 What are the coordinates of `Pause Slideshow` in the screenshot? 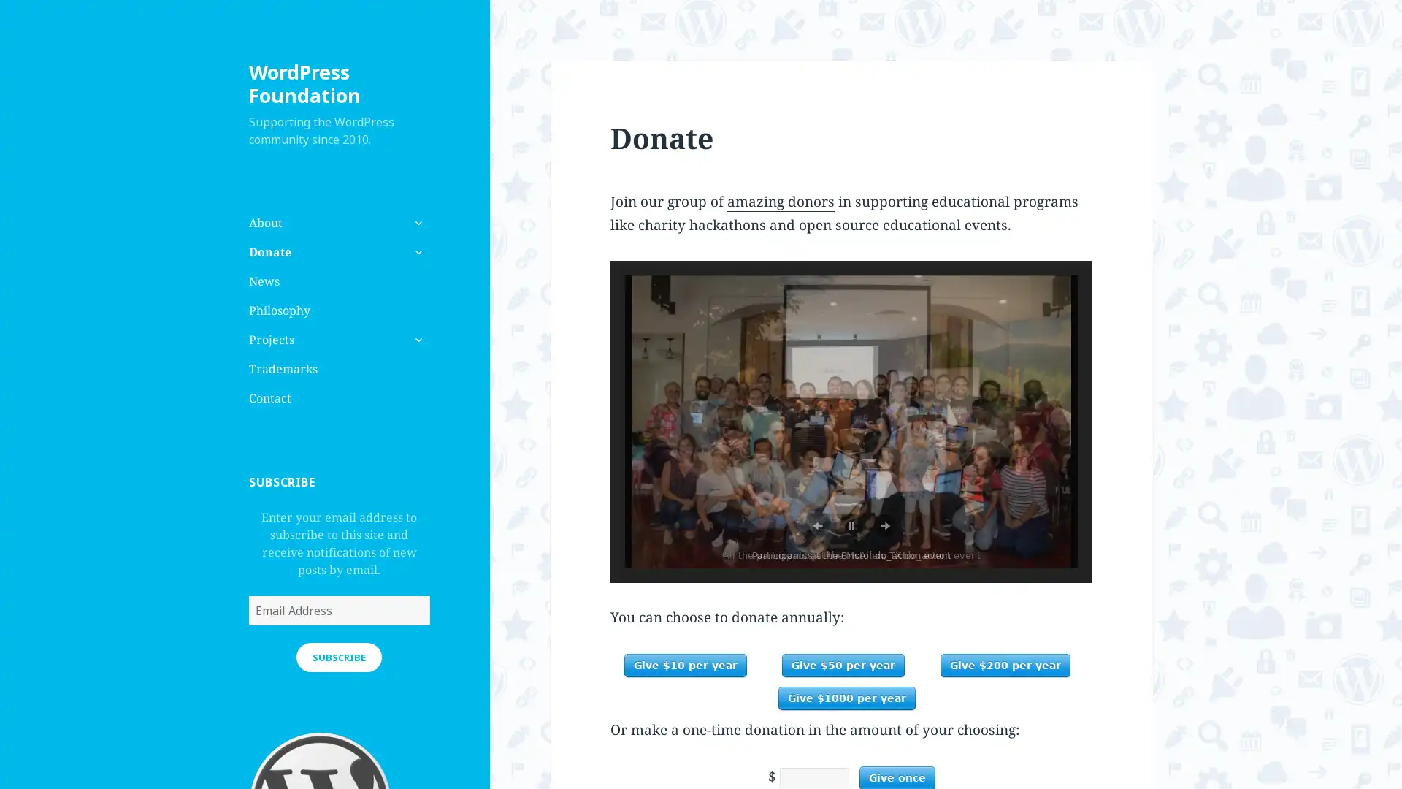 It's located at (851, 526).